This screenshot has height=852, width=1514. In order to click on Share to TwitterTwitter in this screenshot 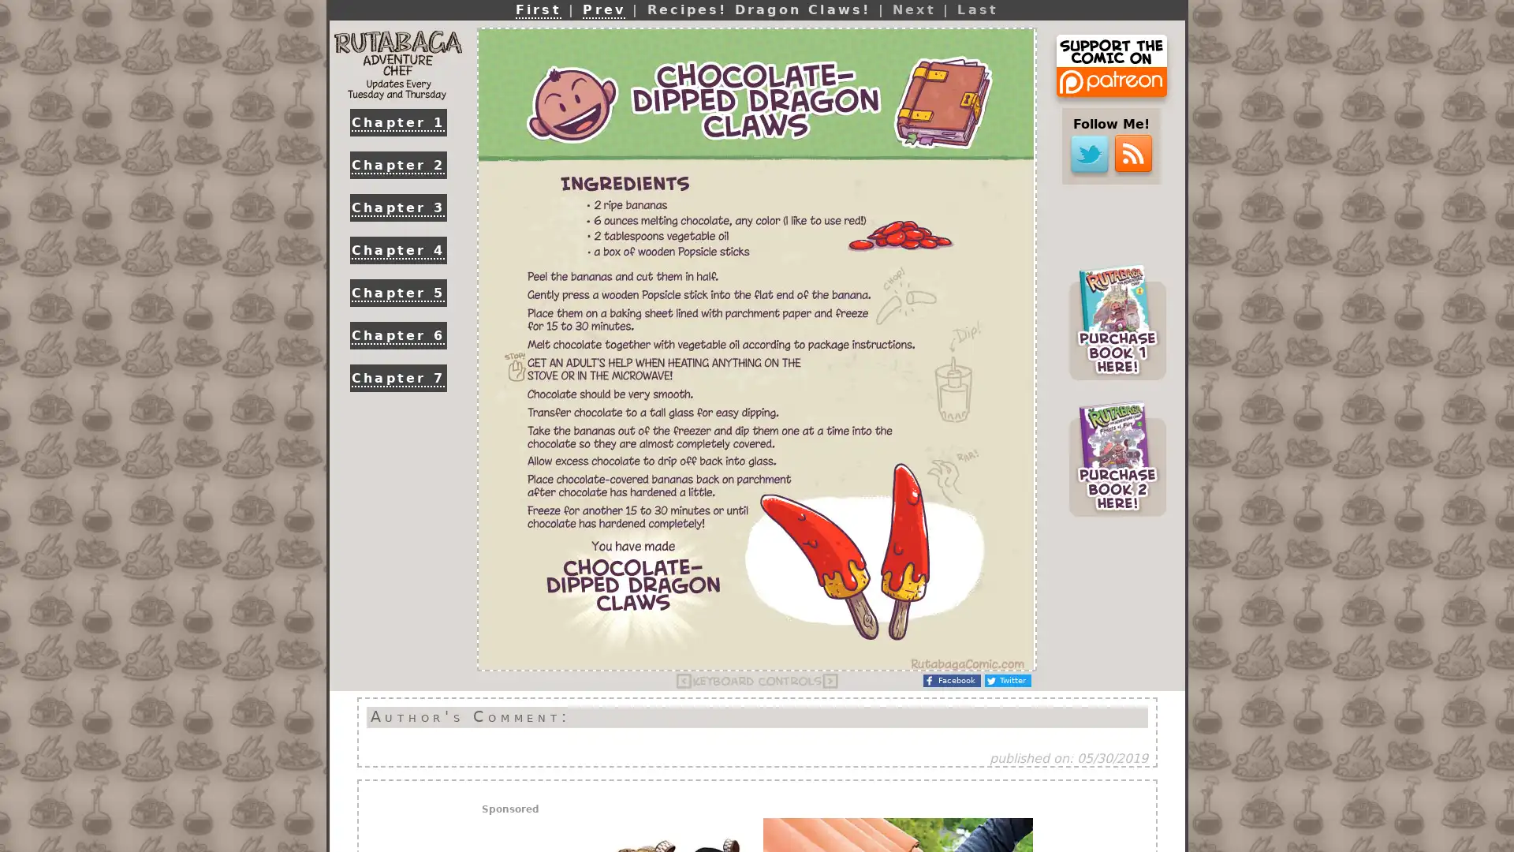, I will do `click(1007, 680)`.